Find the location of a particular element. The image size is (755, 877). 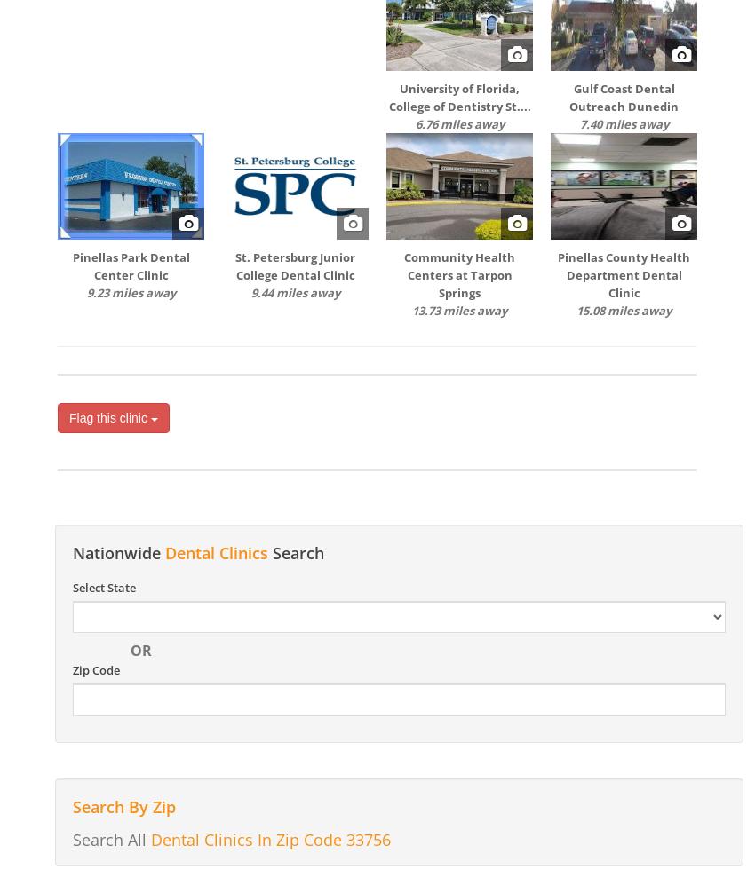

'Zip Code' is located at coordinates (95, 669).